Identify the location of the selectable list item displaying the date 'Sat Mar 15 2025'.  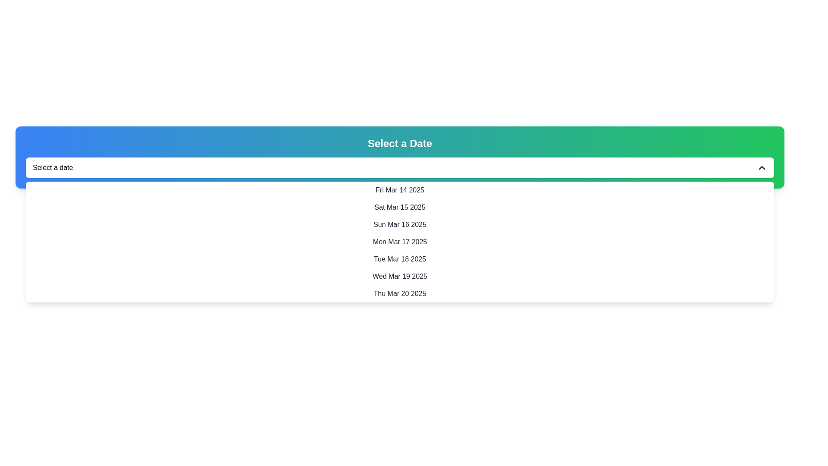
(399, 208).